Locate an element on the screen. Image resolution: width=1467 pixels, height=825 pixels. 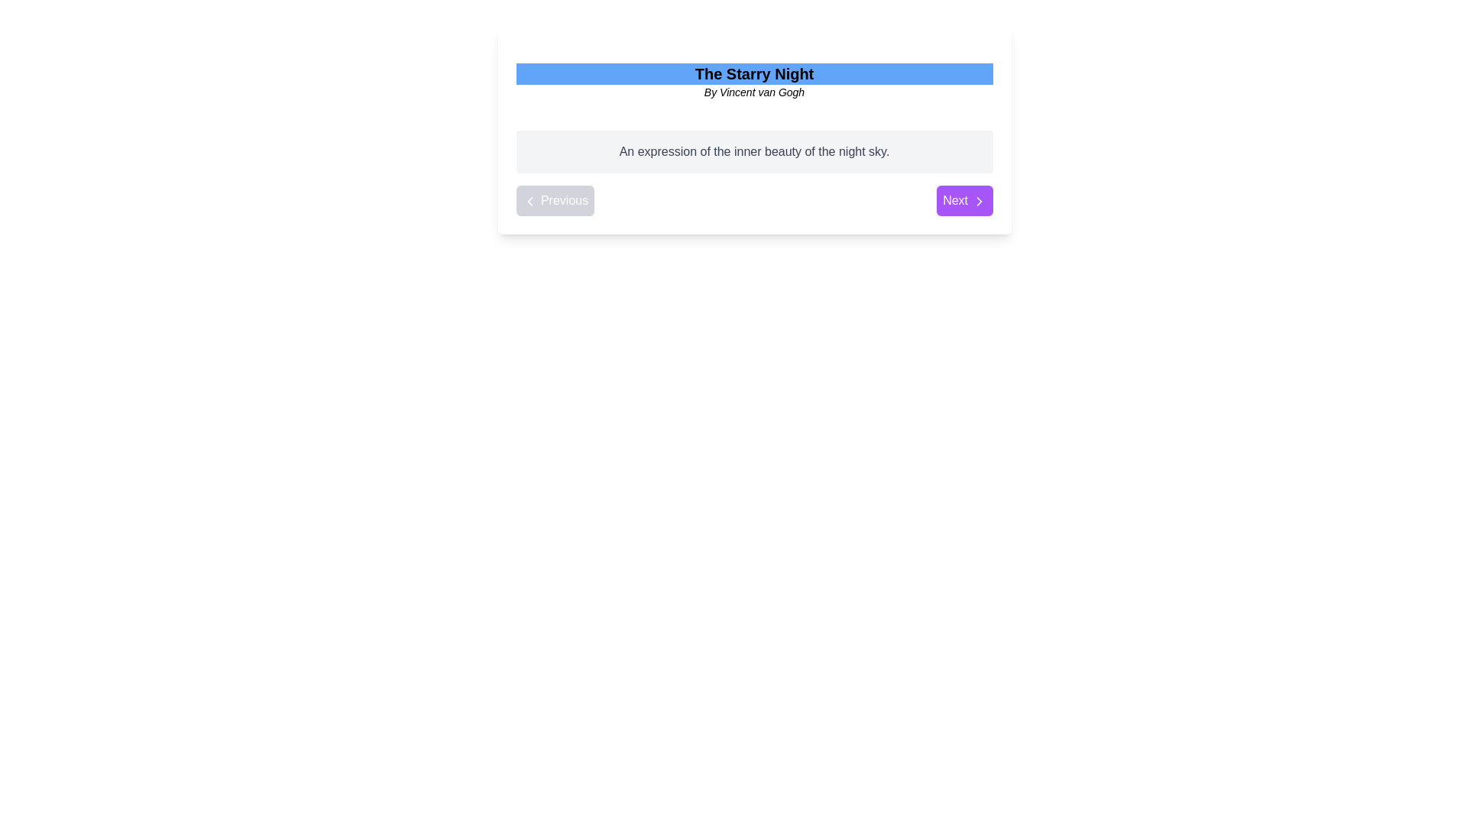
the 'Next' button is located at coordinates (979, 200).